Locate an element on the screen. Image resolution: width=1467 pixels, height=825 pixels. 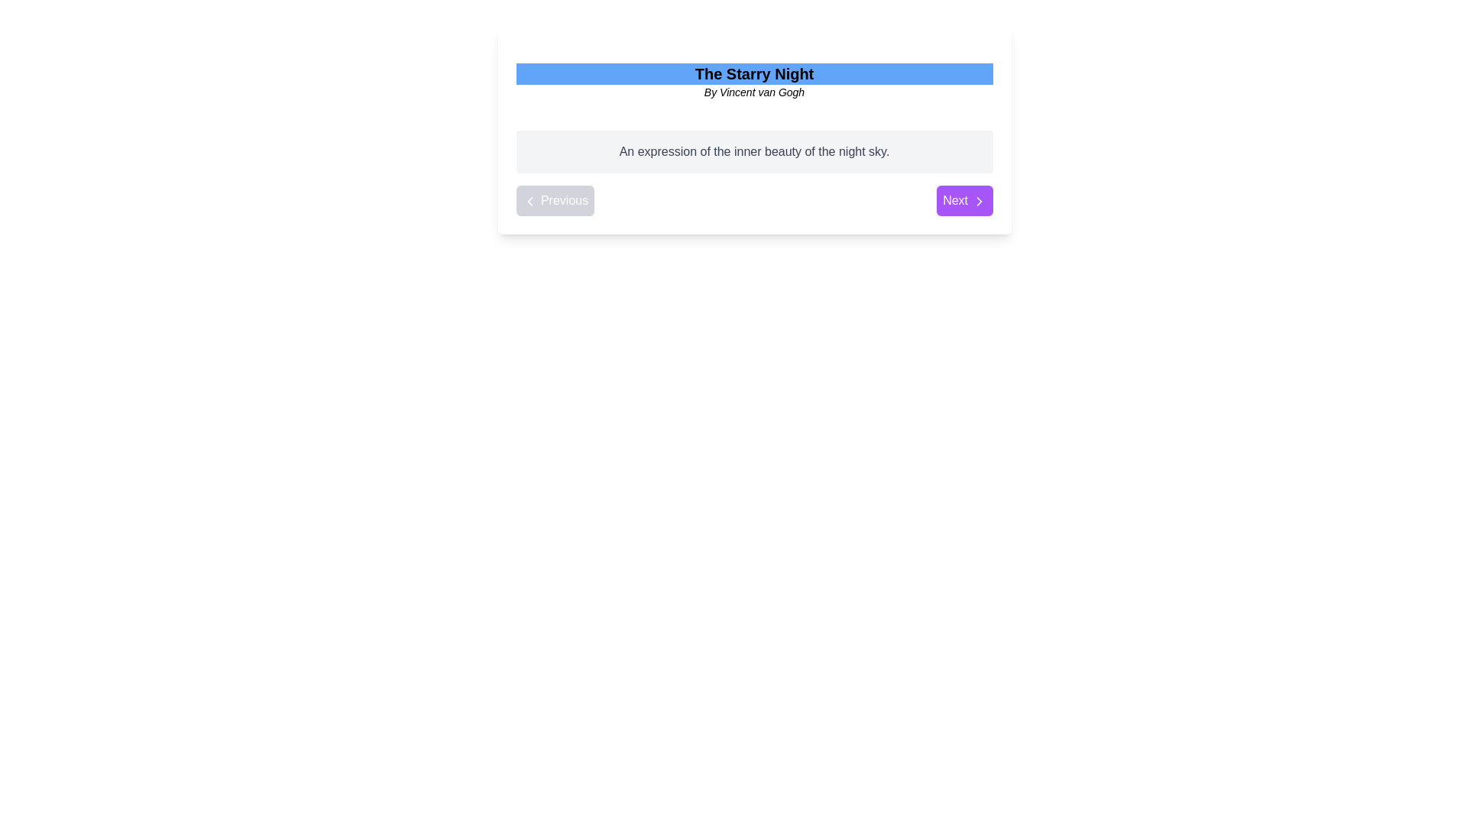
the 'Next' button is located at coordinates (979, 200).